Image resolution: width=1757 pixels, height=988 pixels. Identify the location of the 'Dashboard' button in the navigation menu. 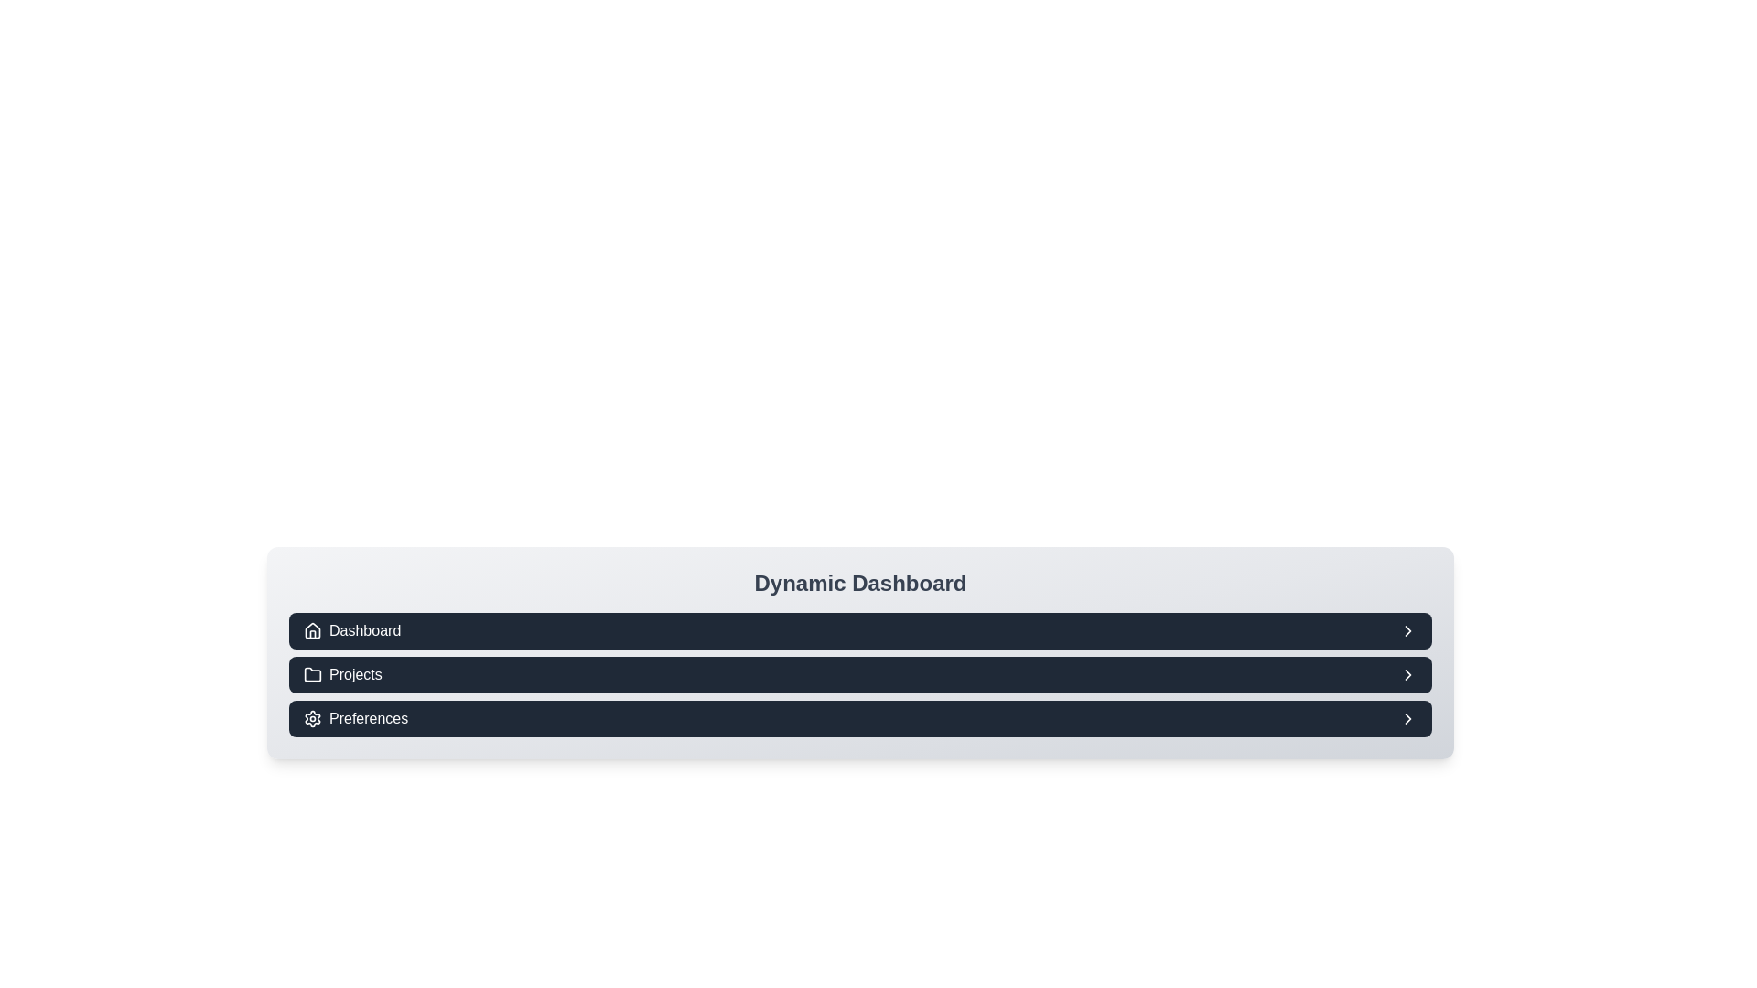
(352, 630).